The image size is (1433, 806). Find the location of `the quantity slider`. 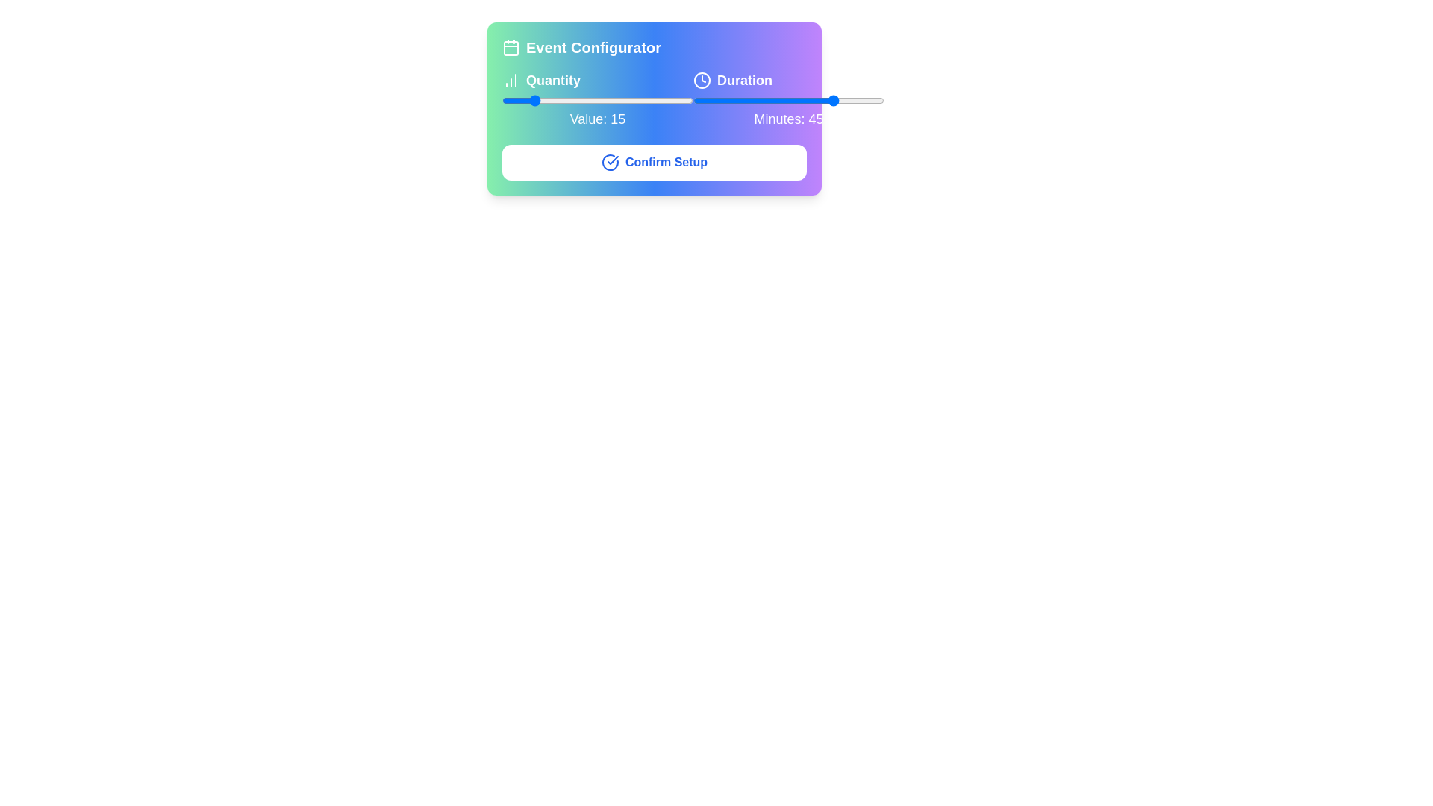

the quantity slider is located at coordinates (653, 101).